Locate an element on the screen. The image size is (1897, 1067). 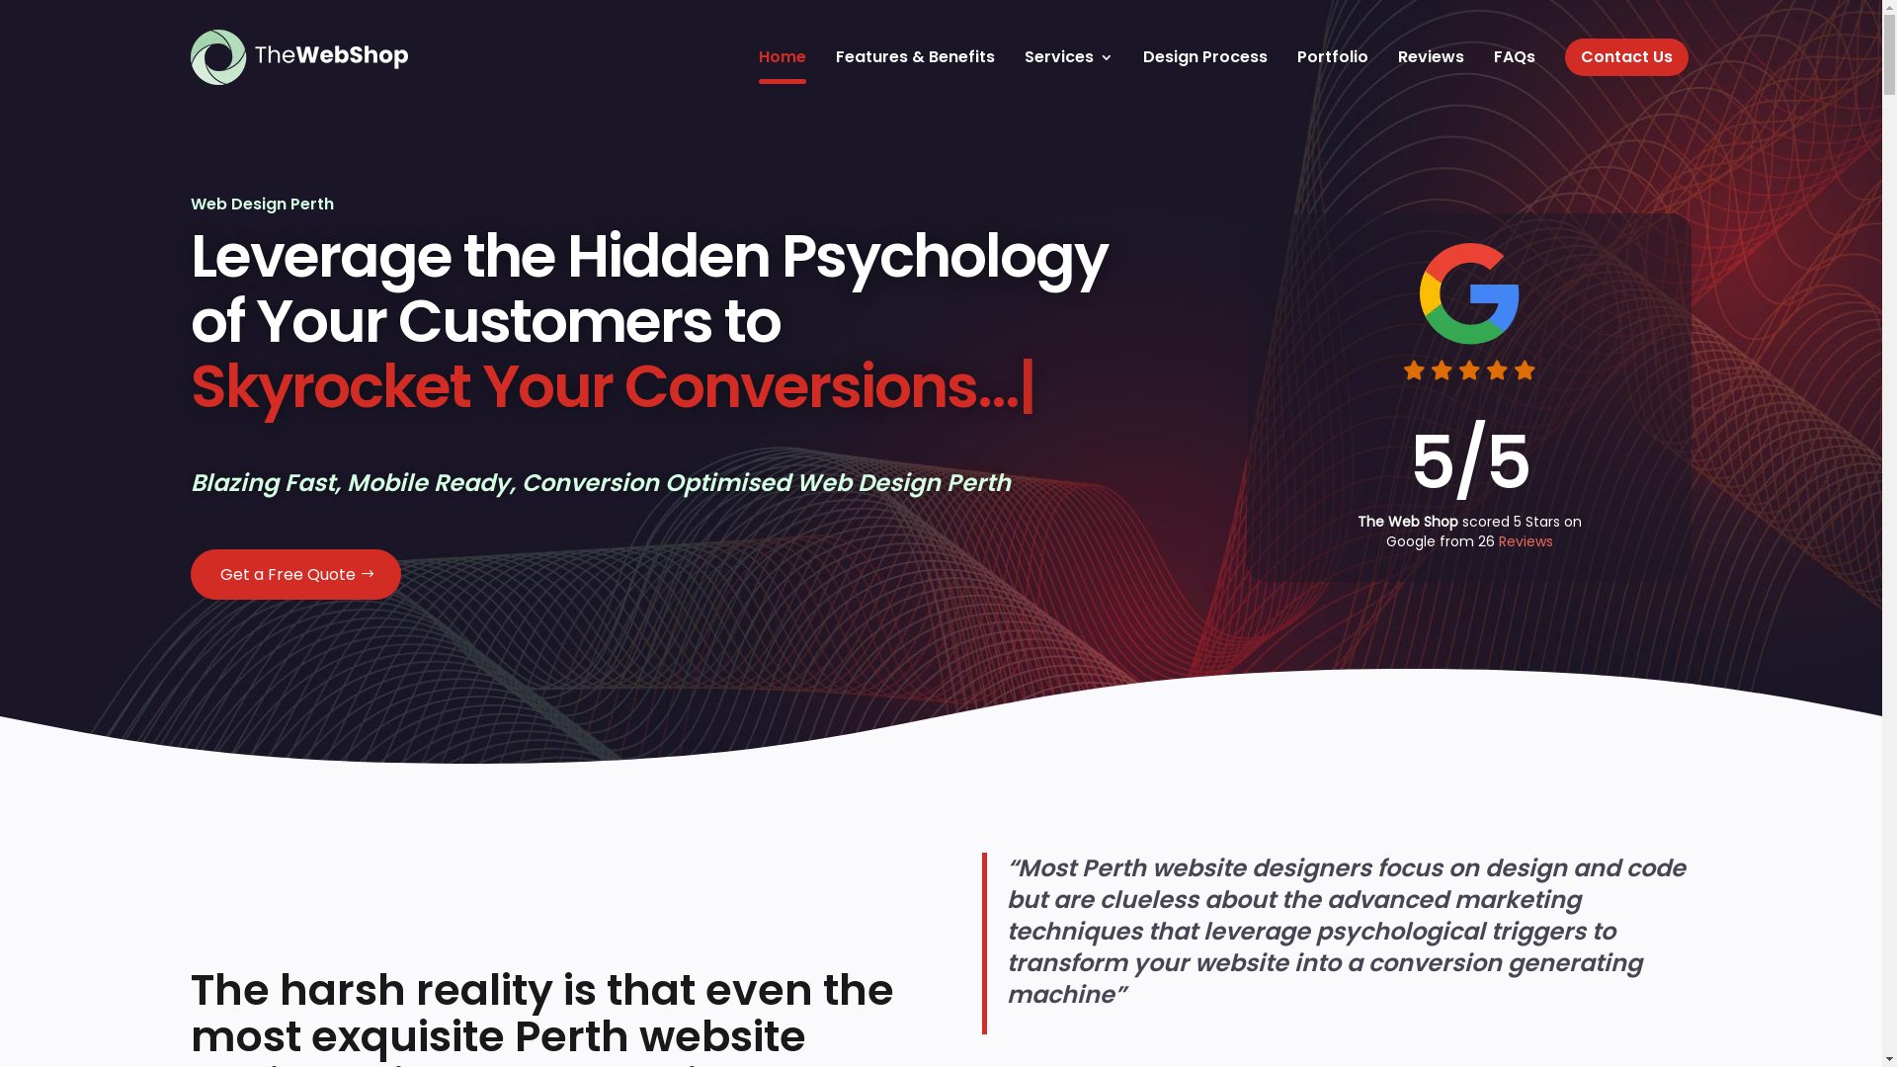
'Features & Benefits' is located at coordinates (914, 55).